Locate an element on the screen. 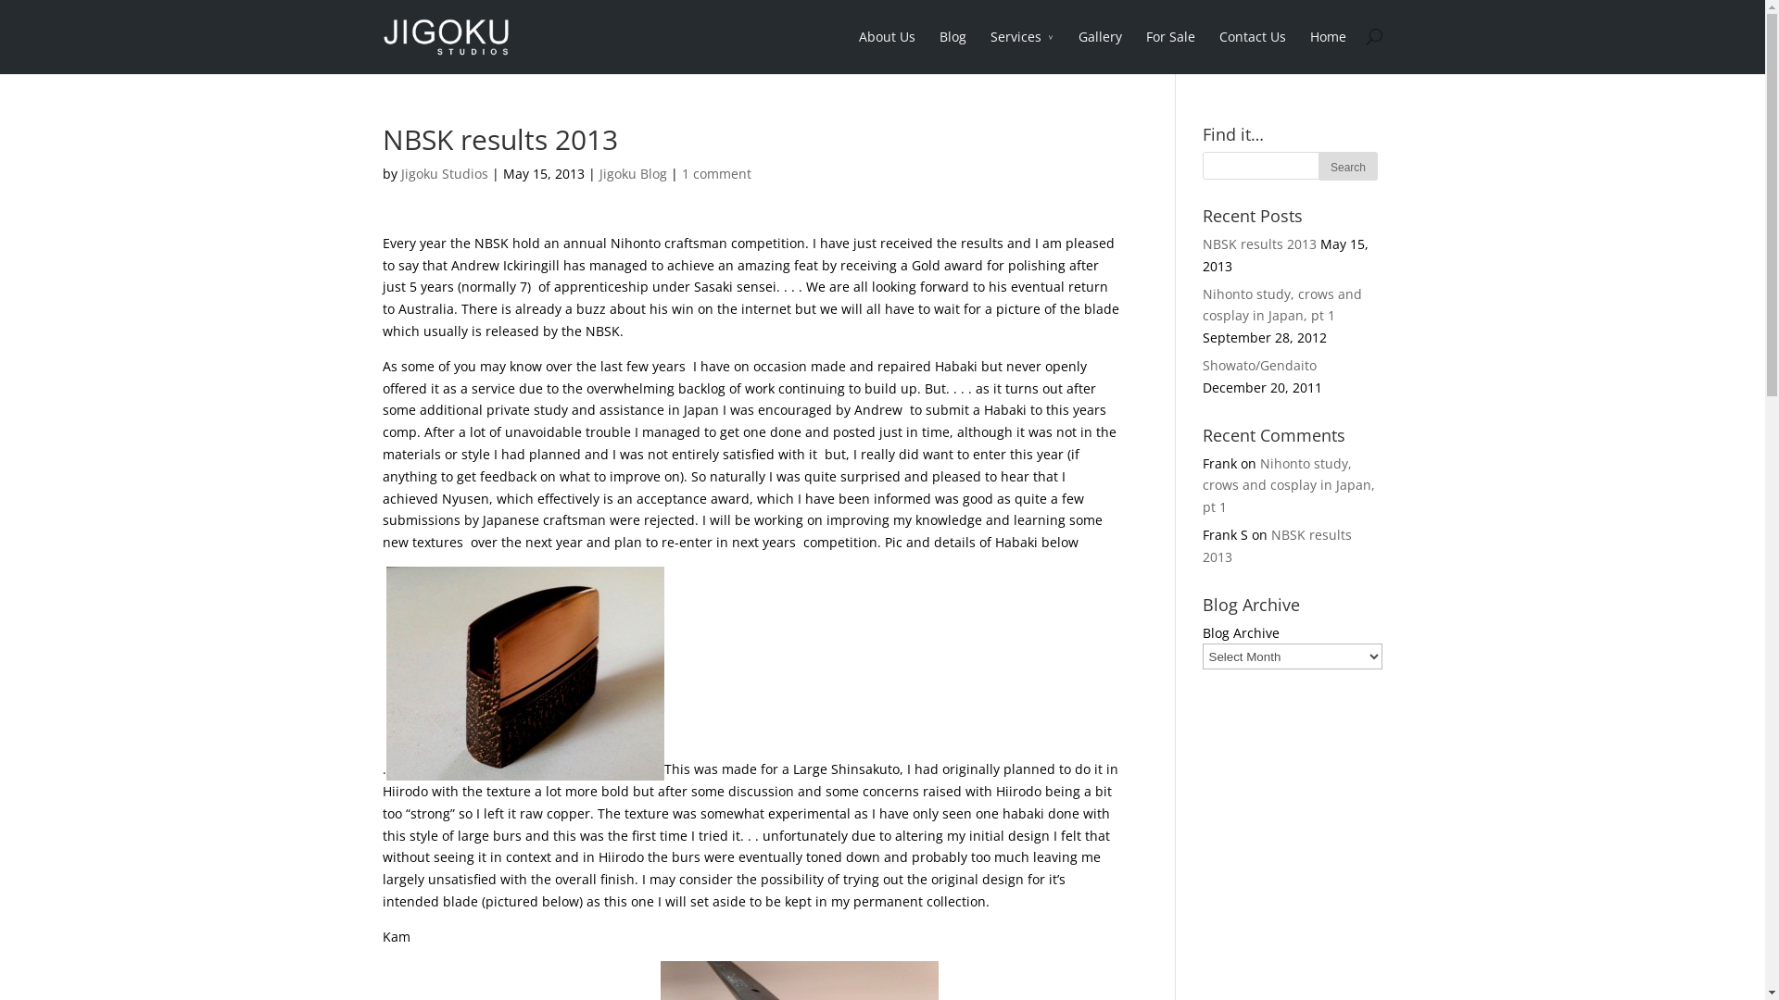 This screenshot has height=1000, width=1779. 'About Us' is located at coordinates (885, 49).